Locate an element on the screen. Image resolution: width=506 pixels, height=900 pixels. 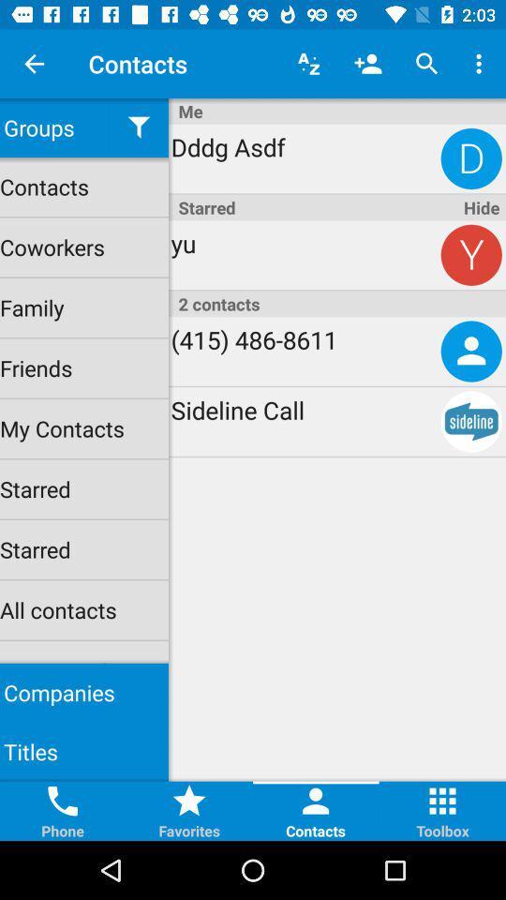
the filter icon is located at coordinates (138, 127).